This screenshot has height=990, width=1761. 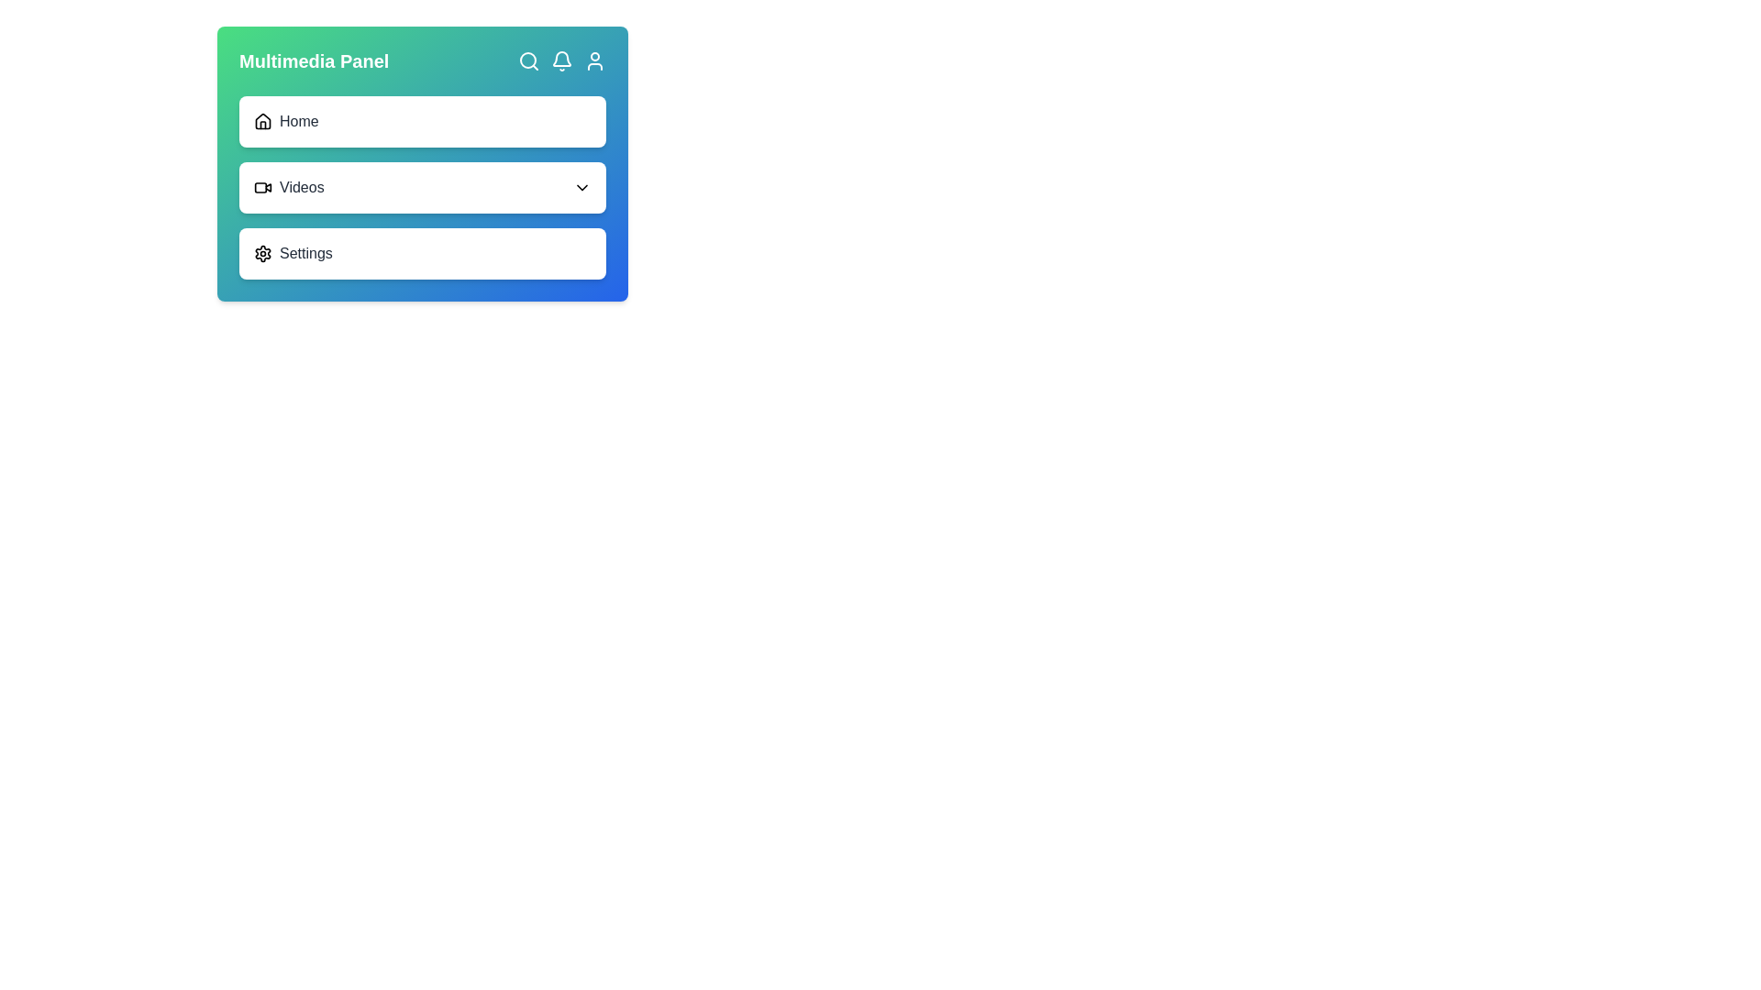 I want to click on the user account icon located at the top-right section of the interface header to trigger a tooltip or visual feedback, so click(x=594, y=60).